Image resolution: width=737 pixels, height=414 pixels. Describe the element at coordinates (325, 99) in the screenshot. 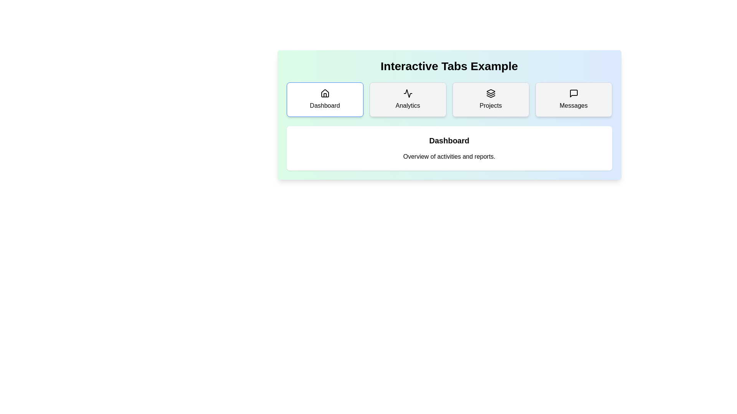

I see `the Dashboard tab by clicking on its button` at that location.